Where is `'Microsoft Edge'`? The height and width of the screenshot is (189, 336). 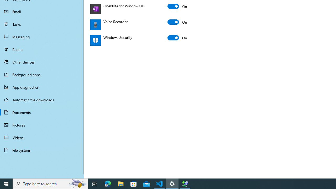
'Microsoft Edge' is located at coordinates (108, 183).